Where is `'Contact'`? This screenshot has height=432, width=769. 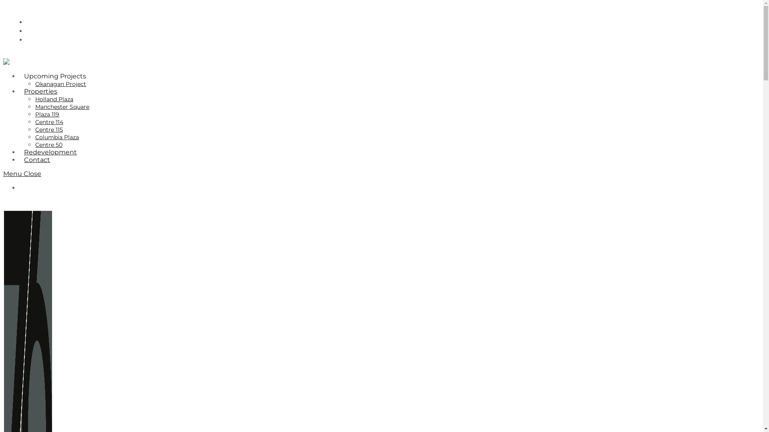
'Contact' is located at coordinates (36, 160).